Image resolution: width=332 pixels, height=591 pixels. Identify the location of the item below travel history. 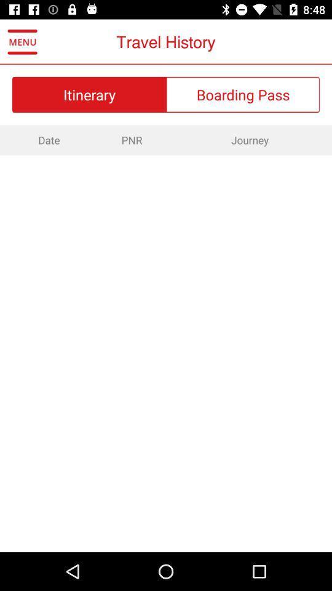
(243, 94).